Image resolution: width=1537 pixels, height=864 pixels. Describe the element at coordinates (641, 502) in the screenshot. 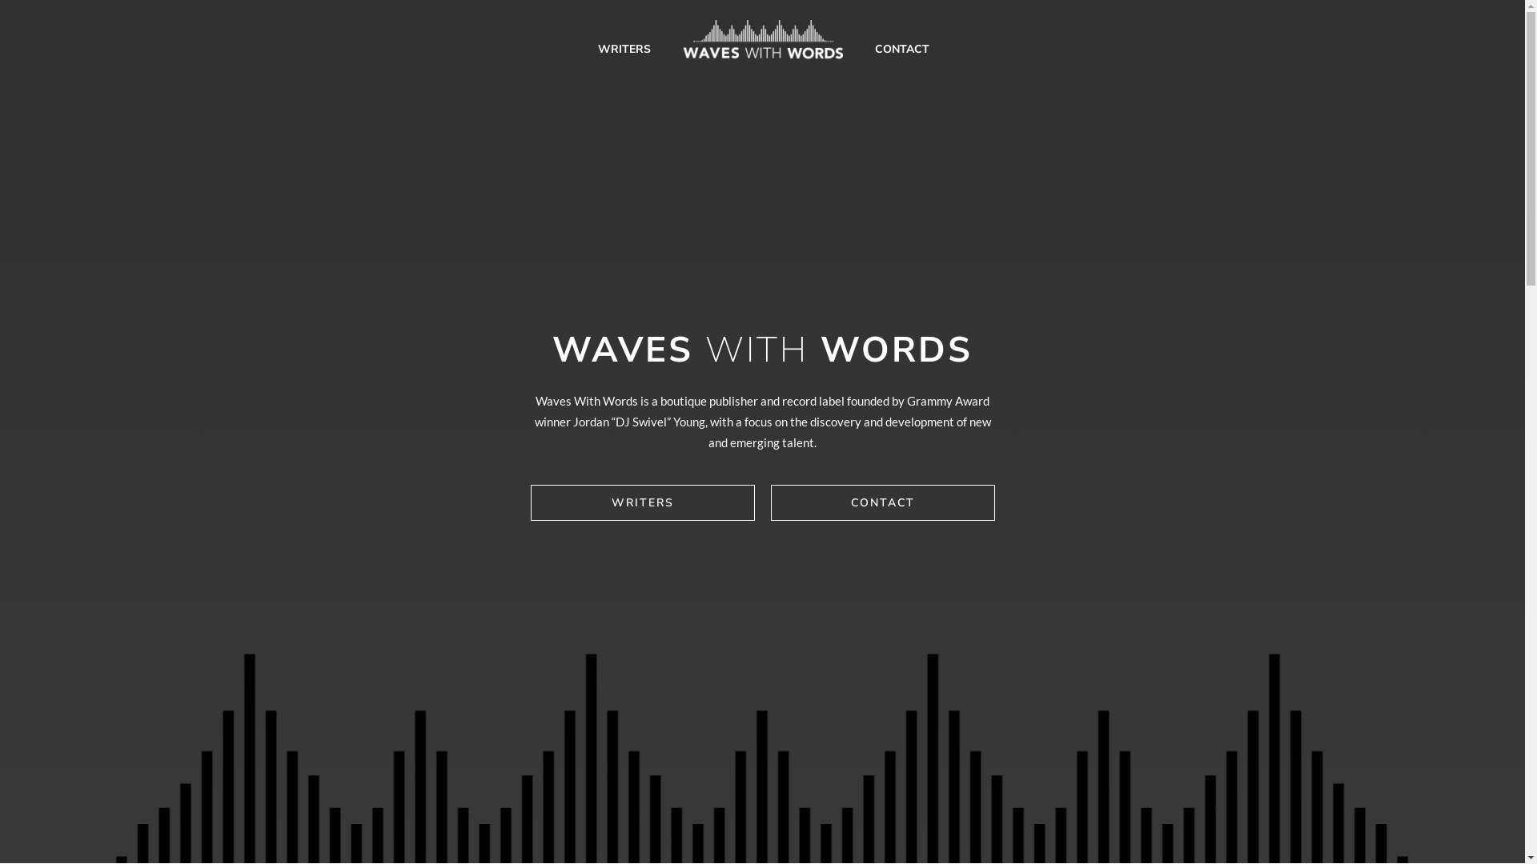

I see `'WRITERS'` at that location.